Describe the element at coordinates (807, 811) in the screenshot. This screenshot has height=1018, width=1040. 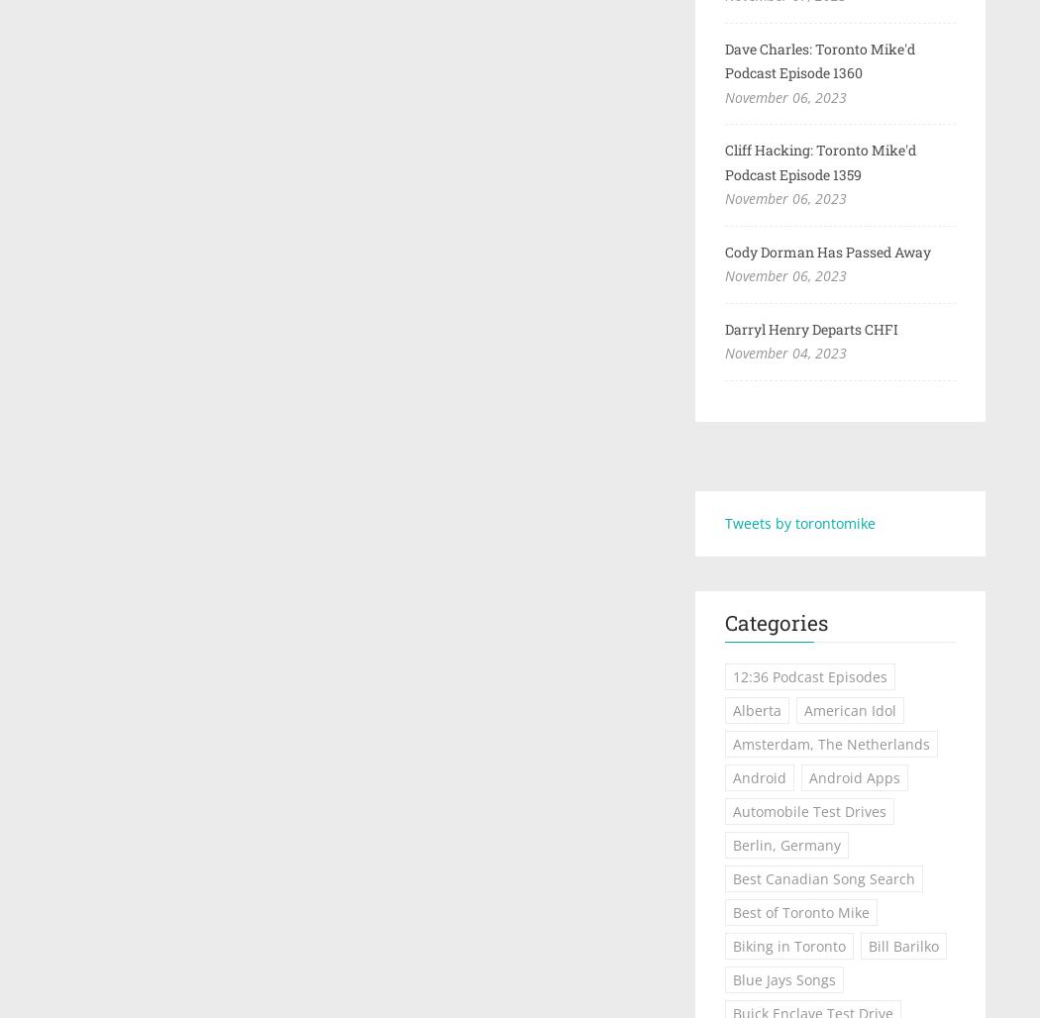
I see `'Automobile Test Drives'` at that location.